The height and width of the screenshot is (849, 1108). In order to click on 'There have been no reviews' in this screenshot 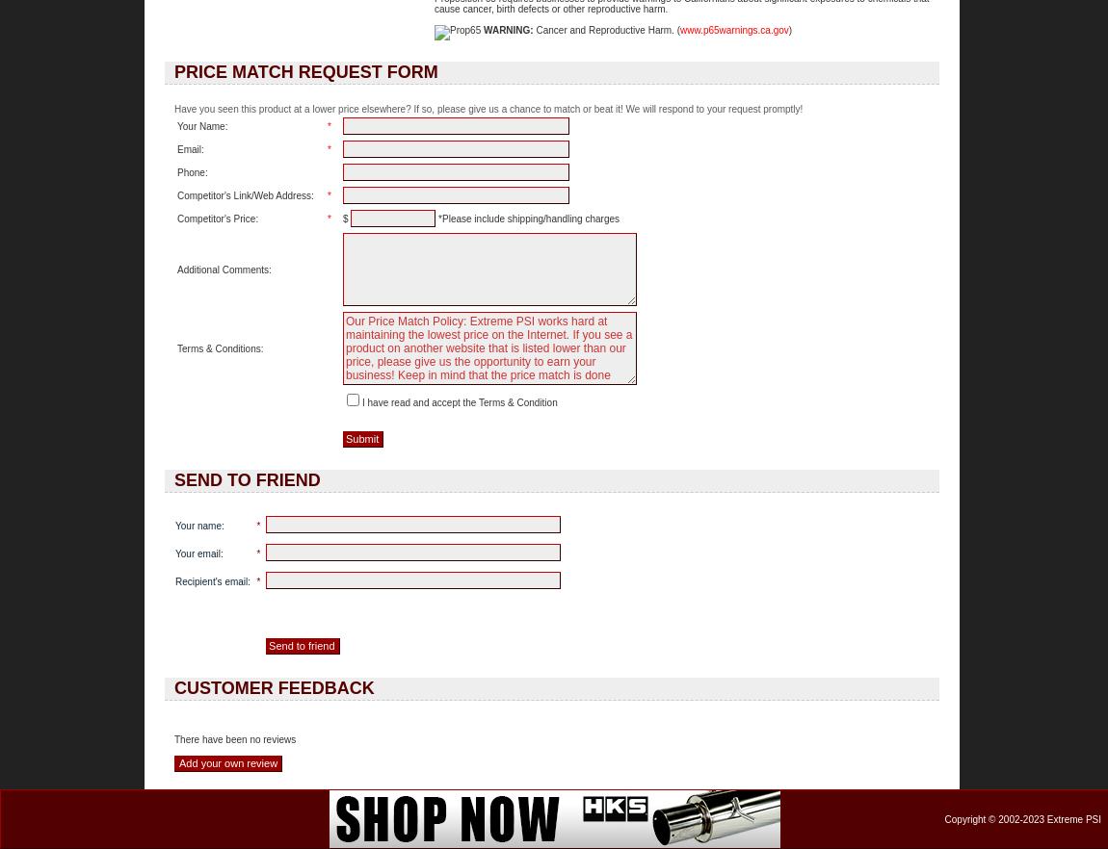, I will do `click(173, 739)`.